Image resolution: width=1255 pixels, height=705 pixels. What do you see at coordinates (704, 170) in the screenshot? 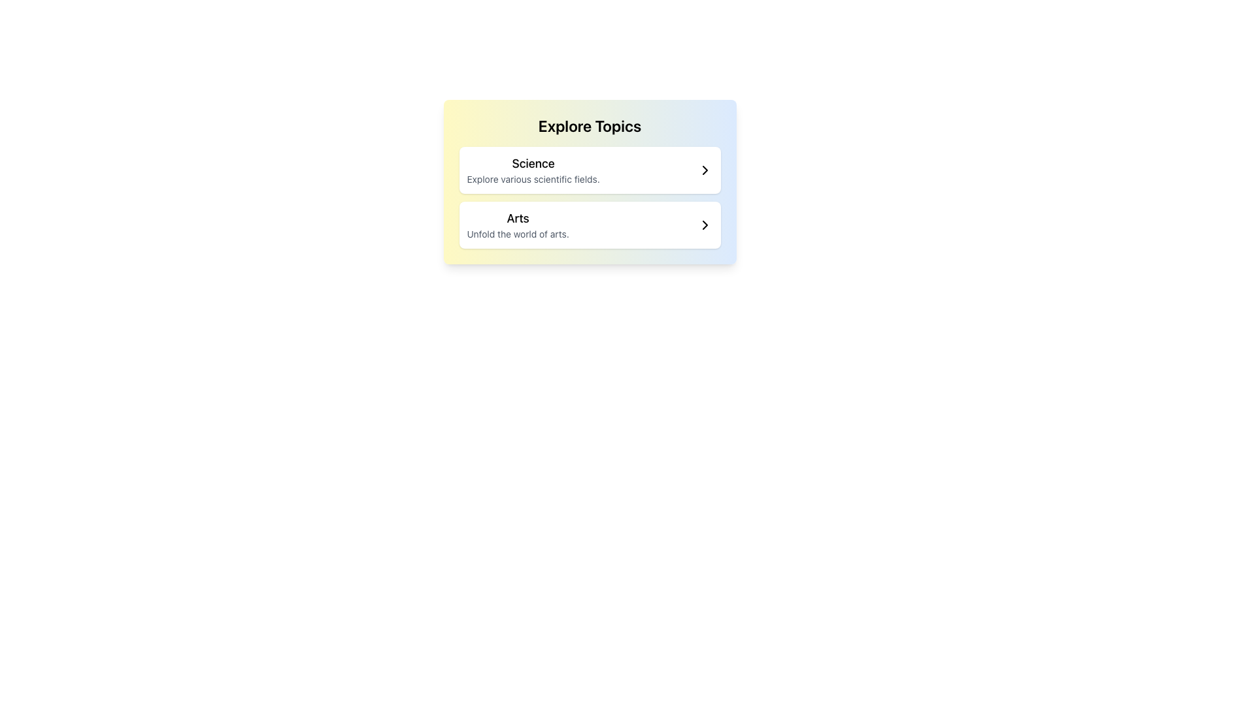
I see `the chevron icon in the rightmost section of the 'Science' row` at bounding box center [704, 170].